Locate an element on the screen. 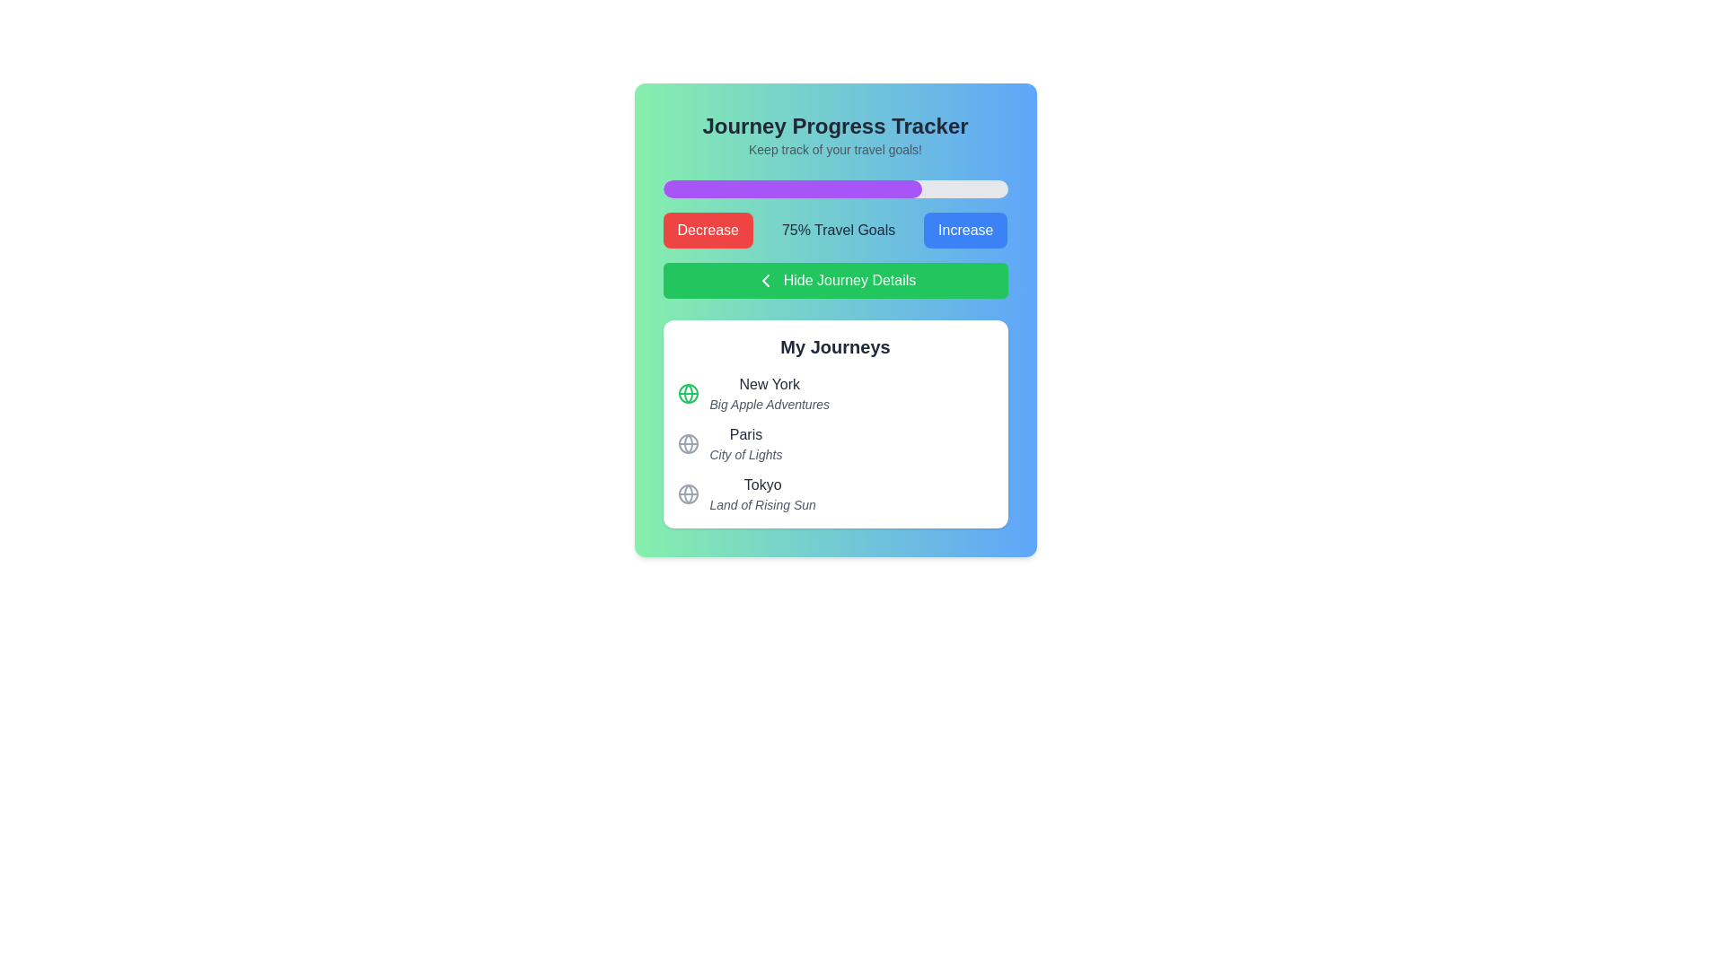 This screenshot has height=969, width=1724. the chevron icon located in the top bar area, which serves as a navigation control to return to a previous page or collapse a section is located at coordinates (765, 280).